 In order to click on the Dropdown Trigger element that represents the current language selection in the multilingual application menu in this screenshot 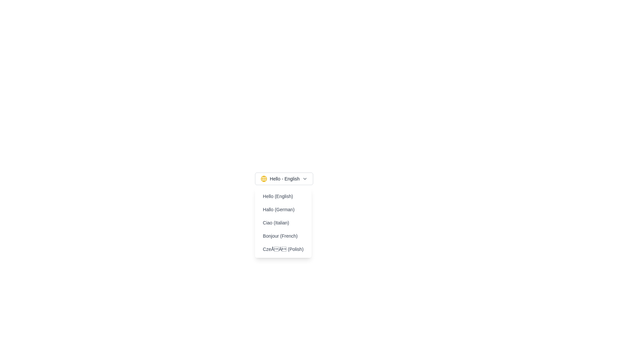, I will do `click(284, 178)`.